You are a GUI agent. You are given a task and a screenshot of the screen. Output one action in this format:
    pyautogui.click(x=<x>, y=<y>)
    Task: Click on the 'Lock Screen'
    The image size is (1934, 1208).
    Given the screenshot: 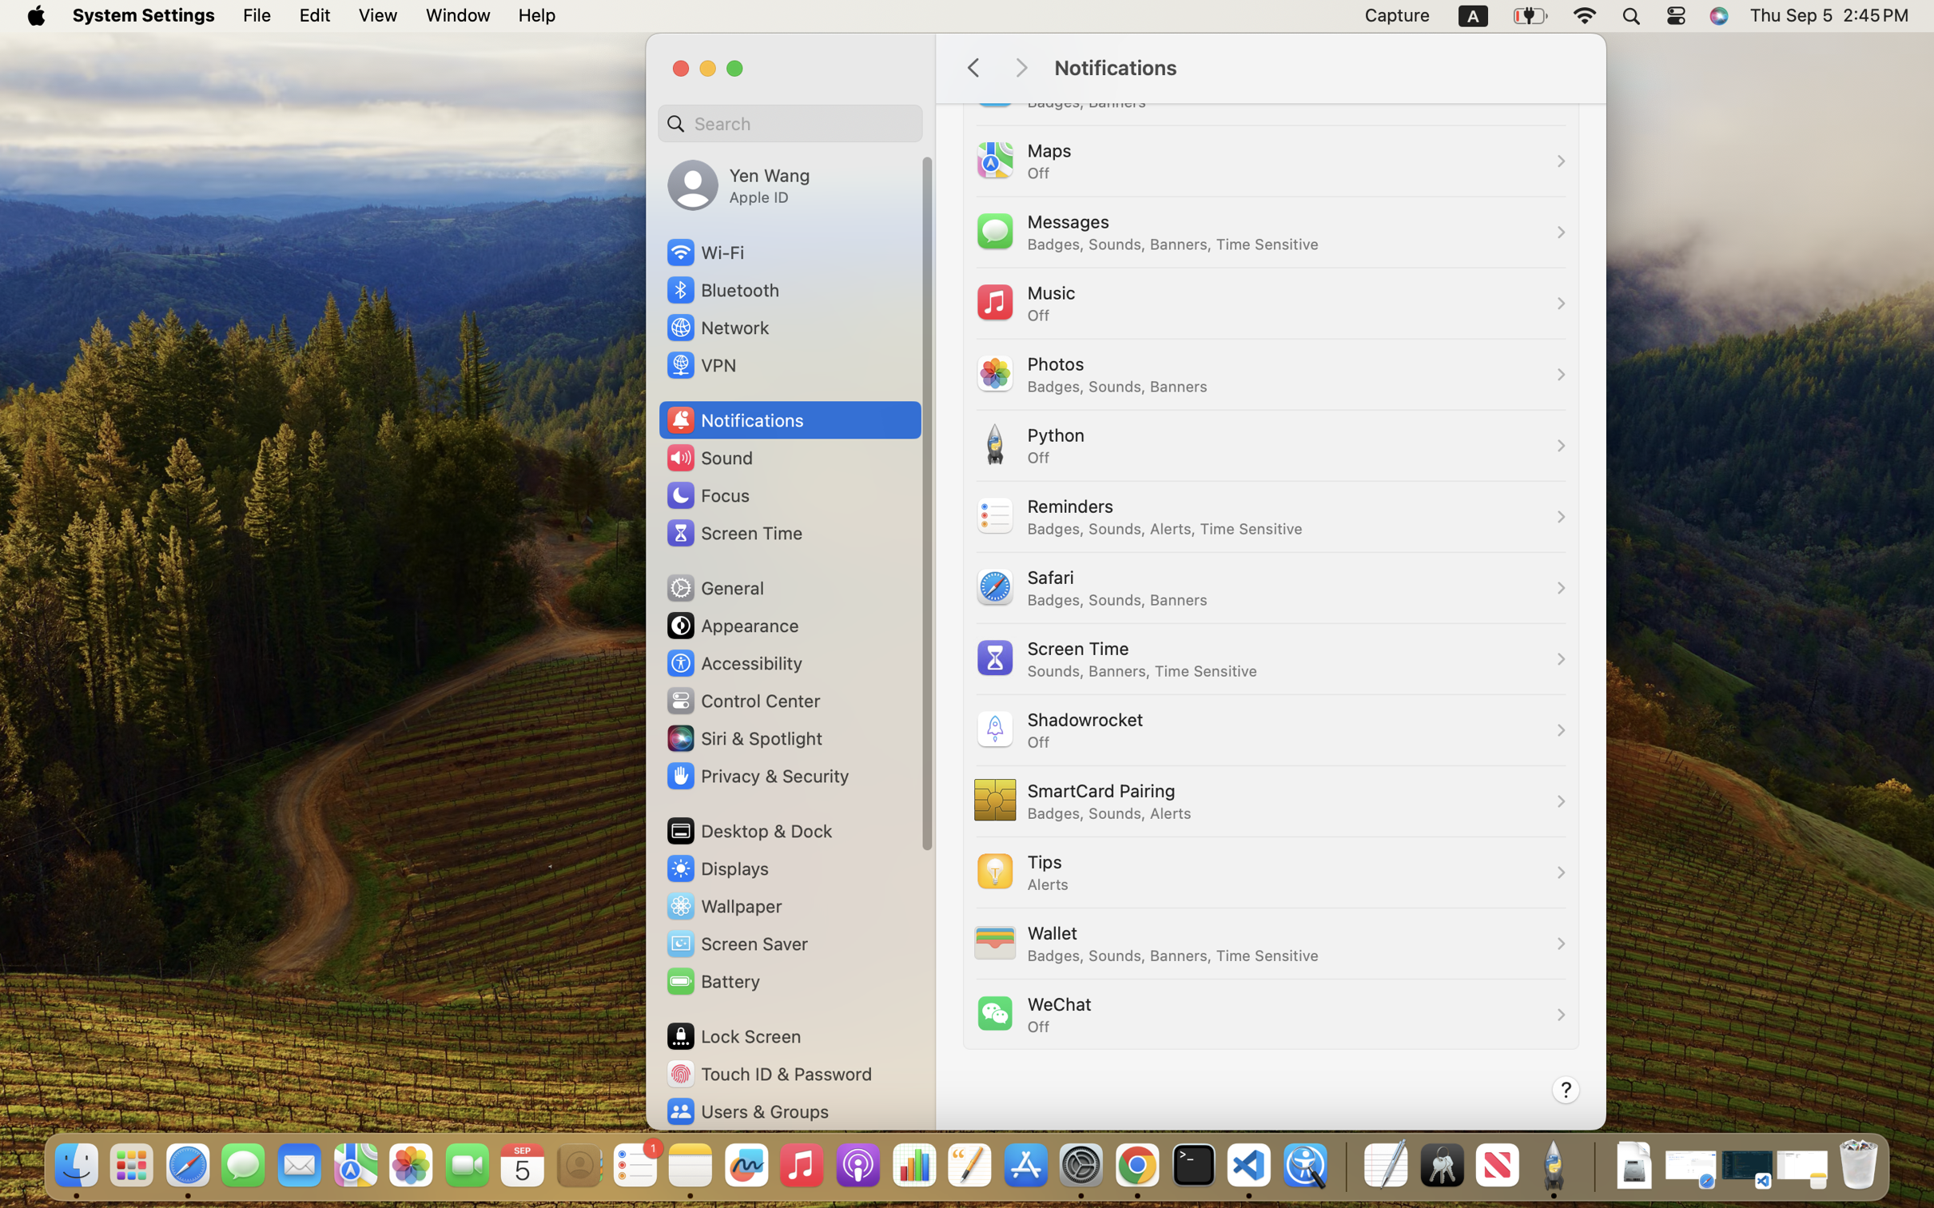 What is the action you would take?
    pyautogui.click(x=734, y=1035)
    